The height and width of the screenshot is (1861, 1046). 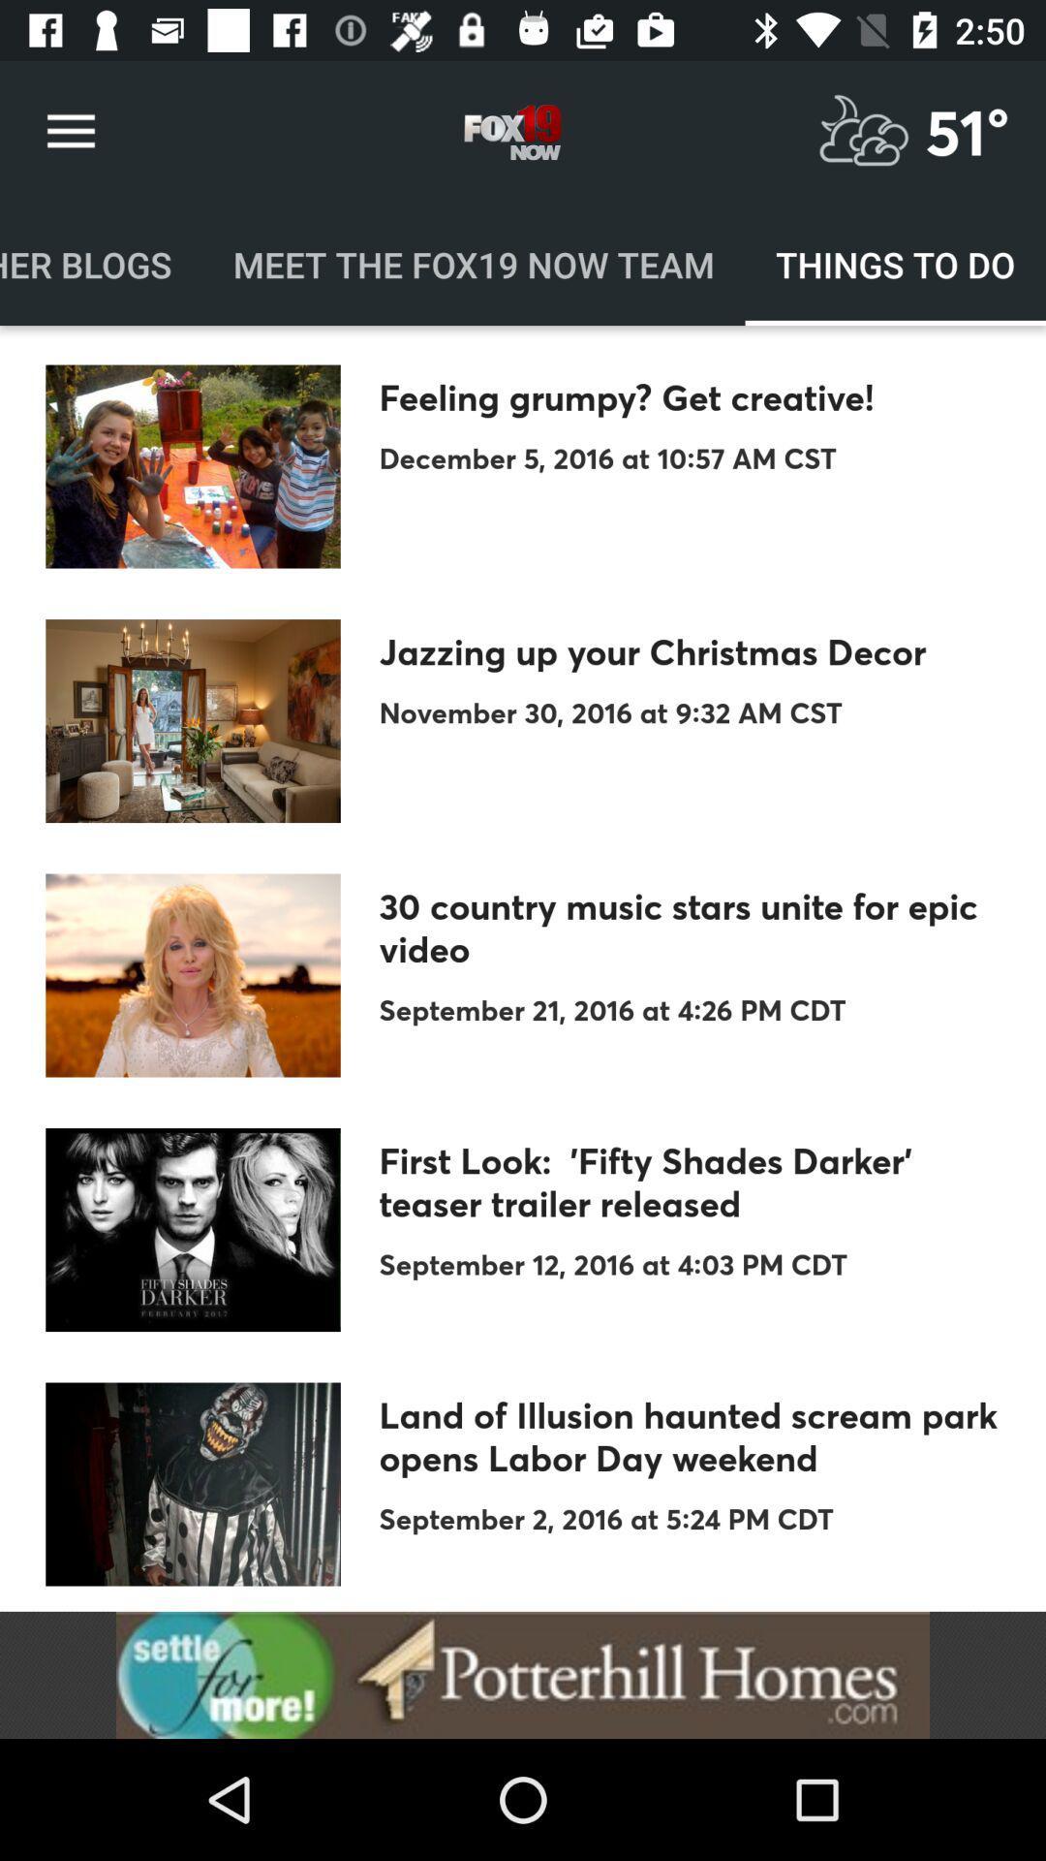 I want to click on click here to check the weather, so click(x=863, y=131).